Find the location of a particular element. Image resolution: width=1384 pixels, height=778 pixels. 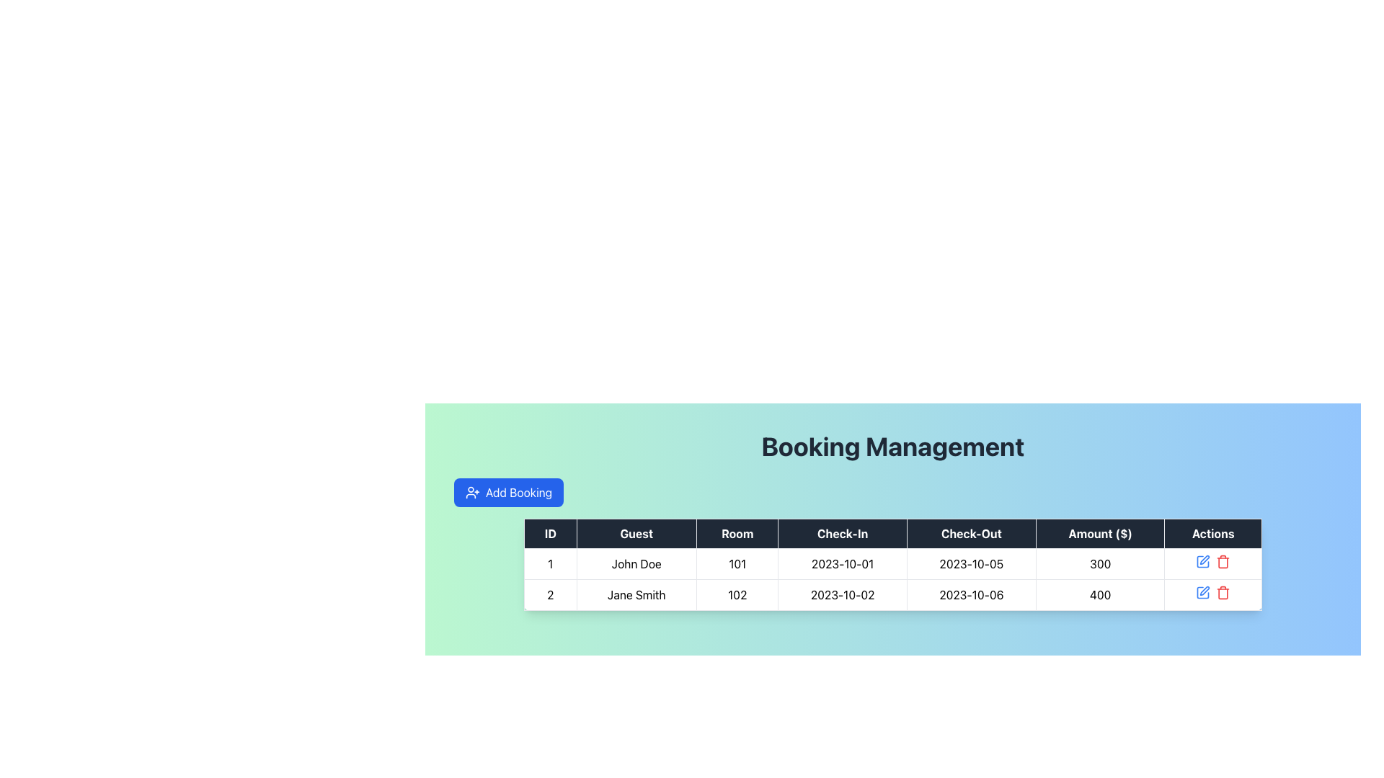

the 'ID' table cell that uniquely identifies the record for 'John Doe' in the first row of the table is located at coordinates (549, 563).